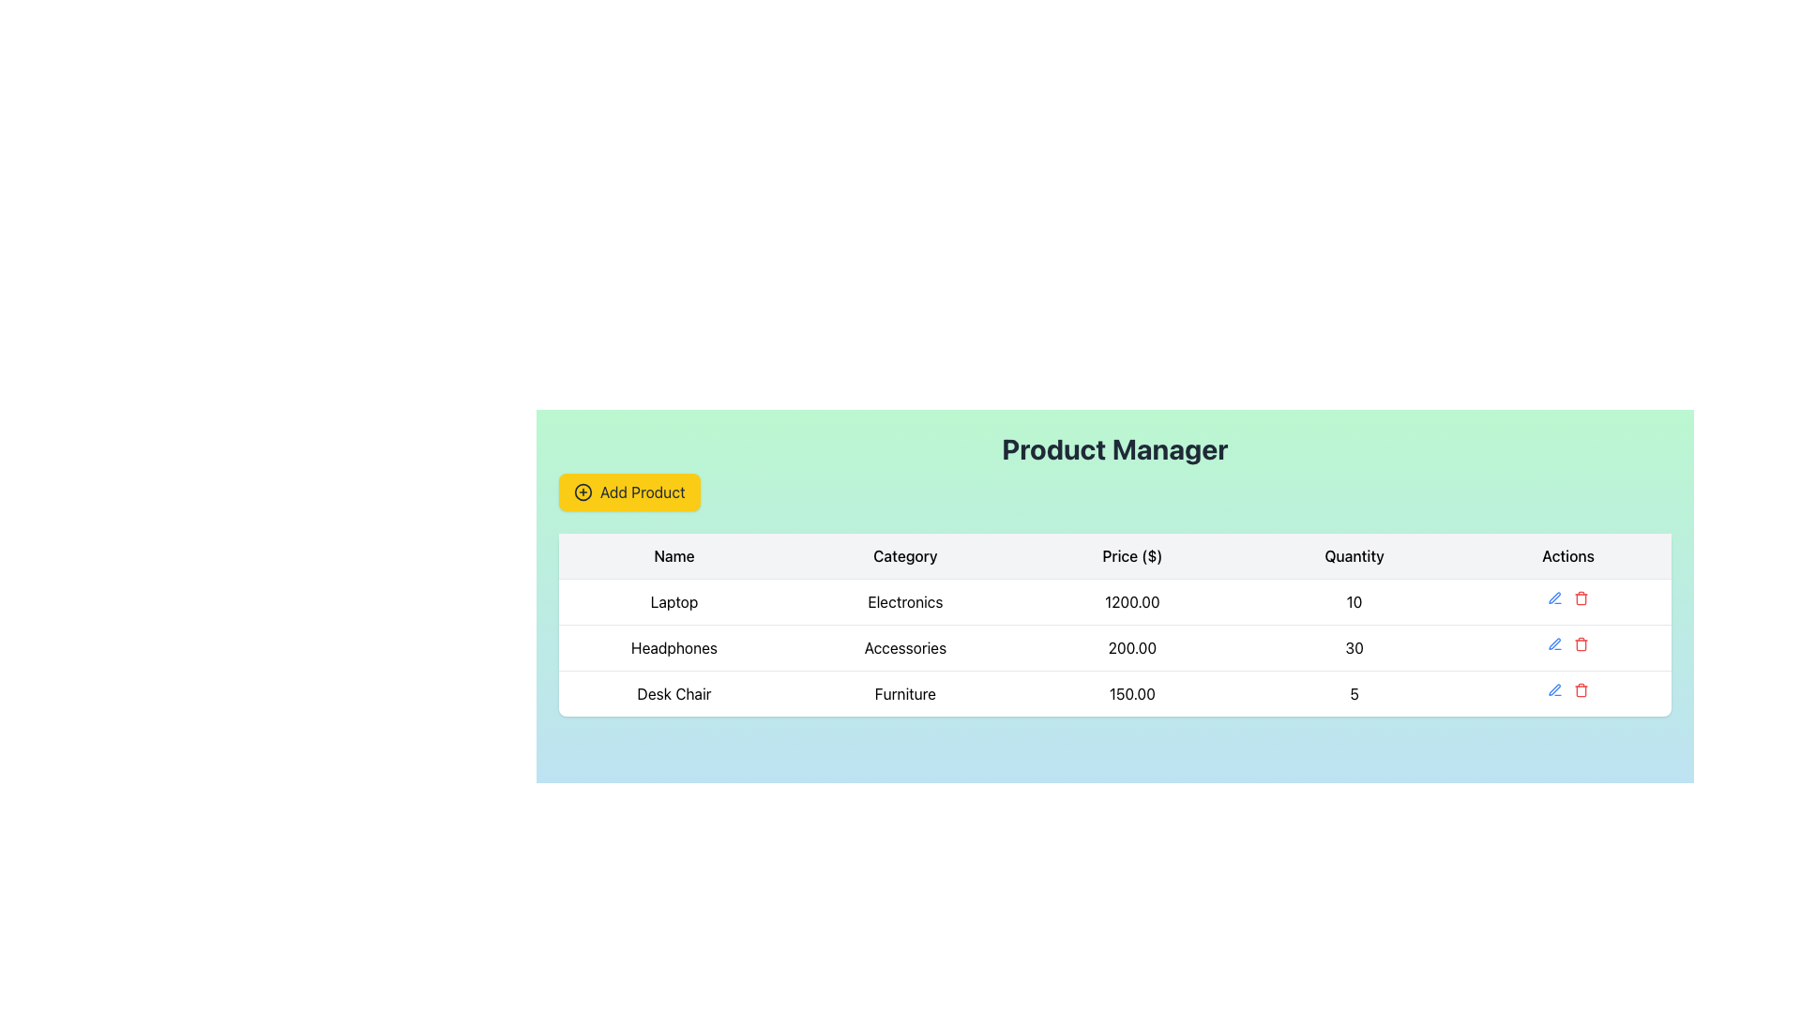  Describe the element at coordinates (643, 491) in the screenshot. I see `the 'Add Product' text label located inside the yellow button` at that location.